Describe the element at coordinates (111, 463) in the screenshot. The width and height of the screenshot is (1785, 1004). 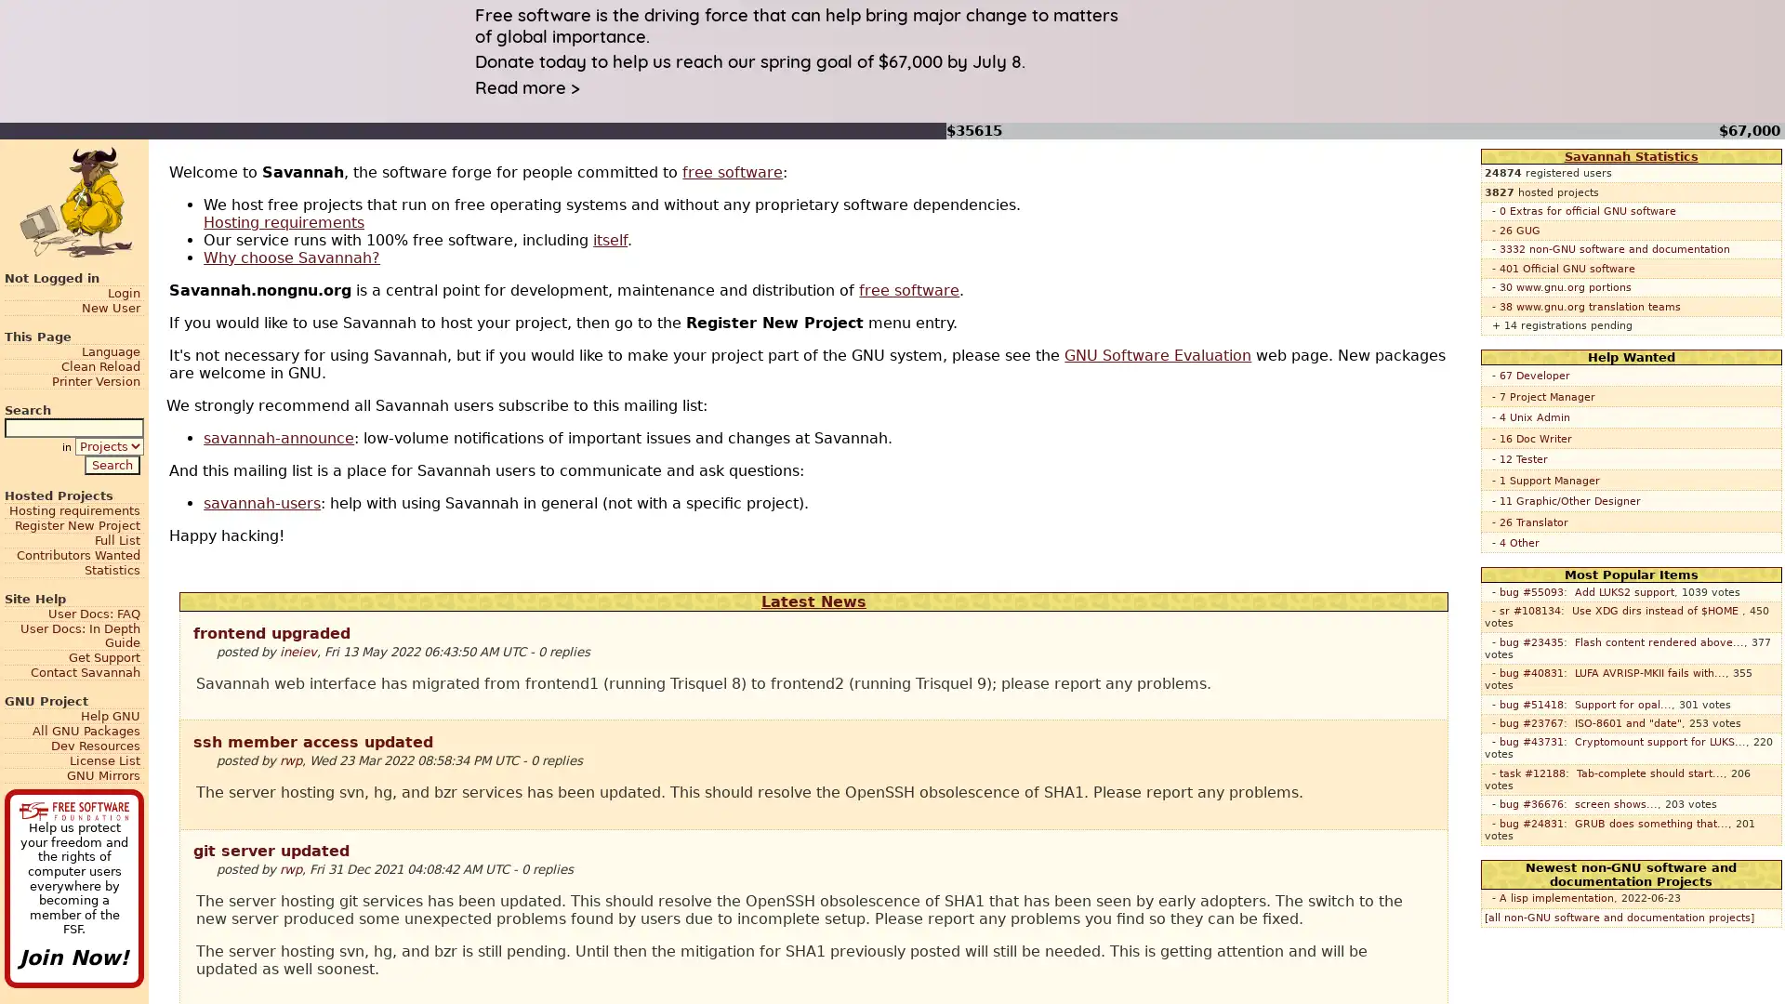
I see `Search` at that location.